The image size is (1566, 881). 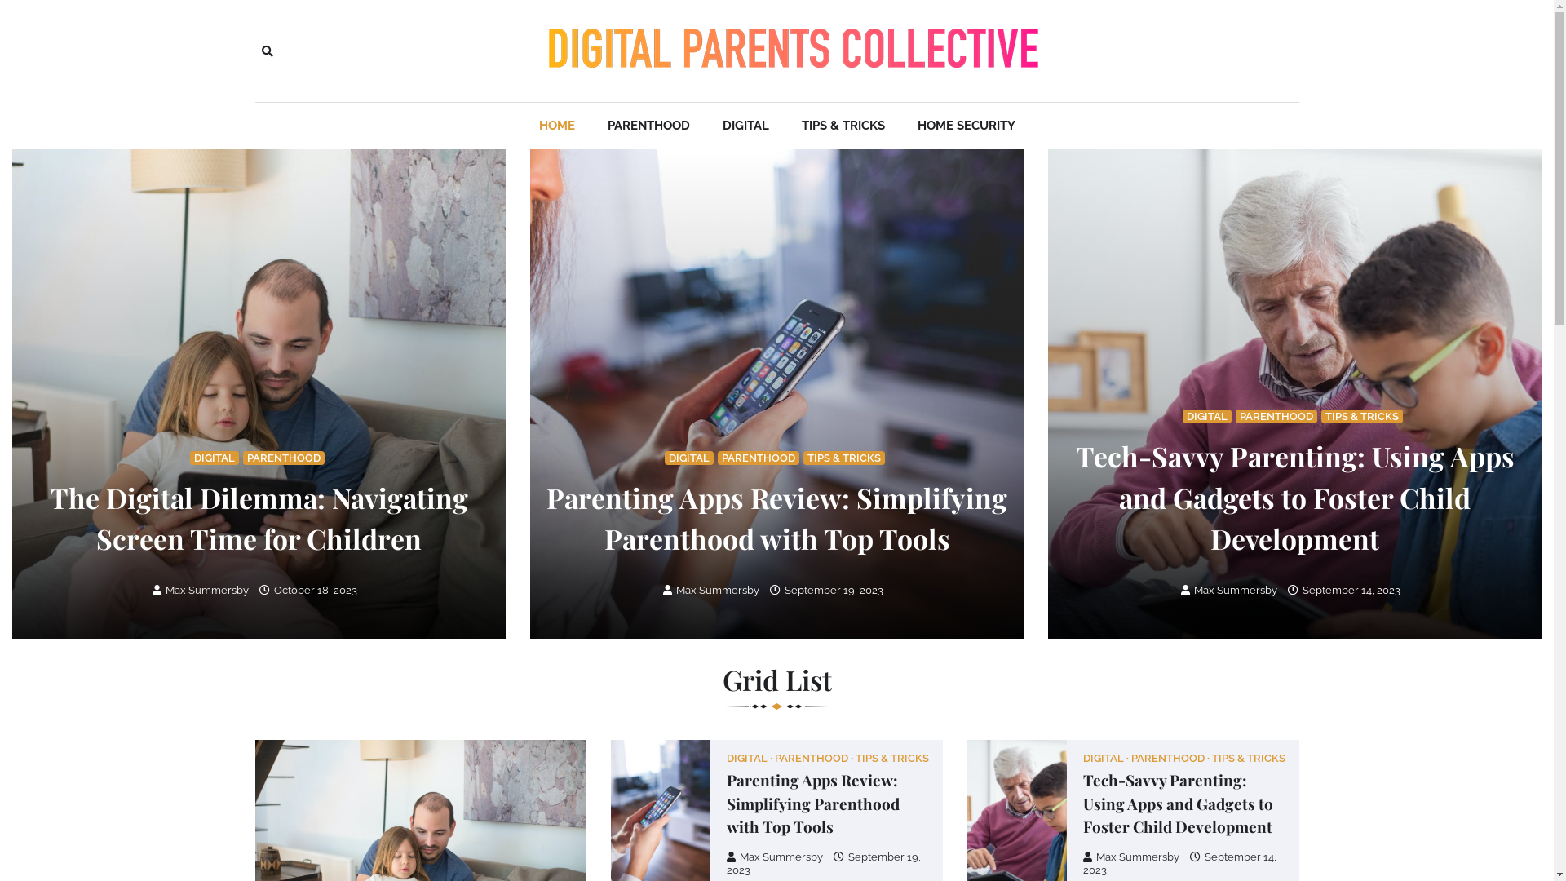 I want to click on 'HOME SECURITY', so click(x=966, y=125).